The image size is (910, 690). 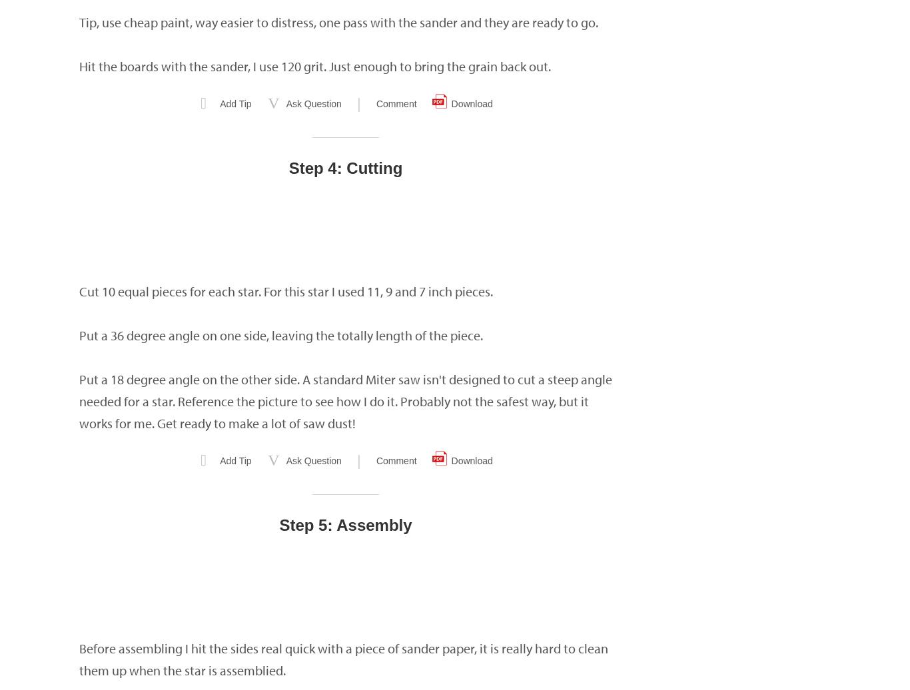 I want to click on 'Step 5: Assembly', so click(x=345, y=525).